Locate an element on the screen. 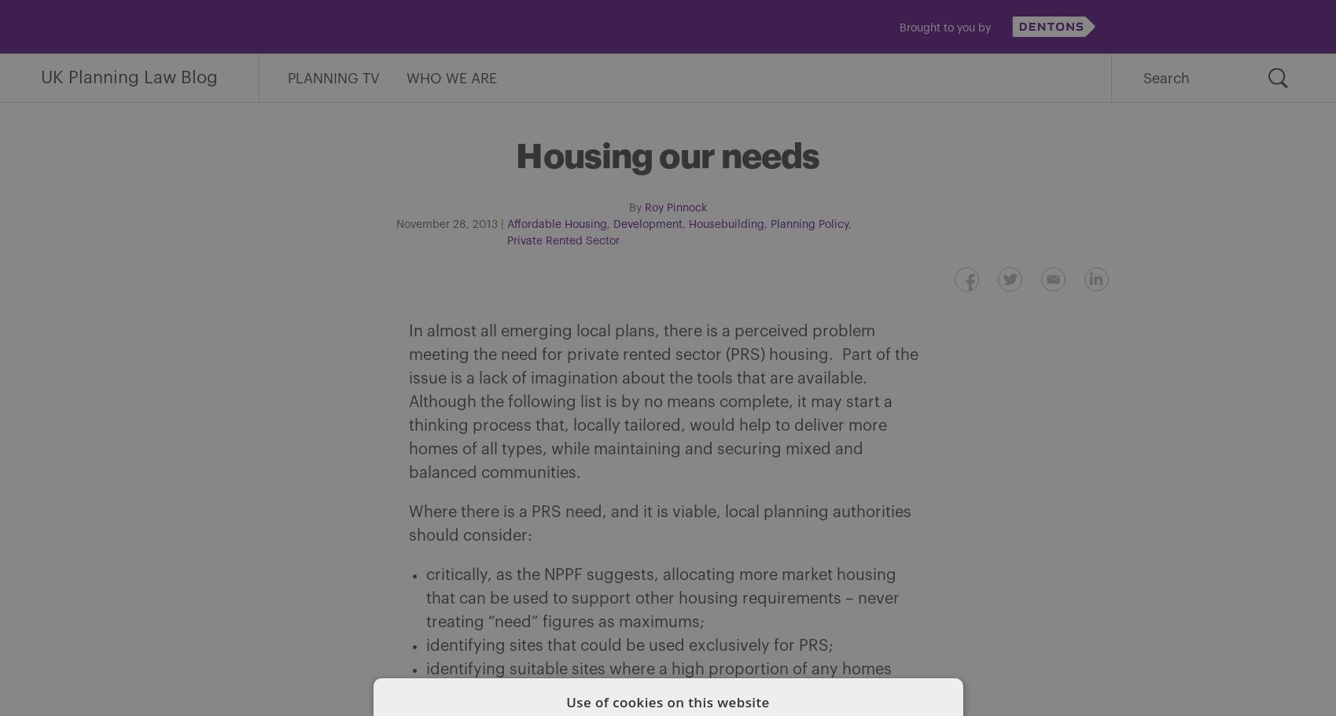  'Who We Are' is located at coordinates (404, 79).